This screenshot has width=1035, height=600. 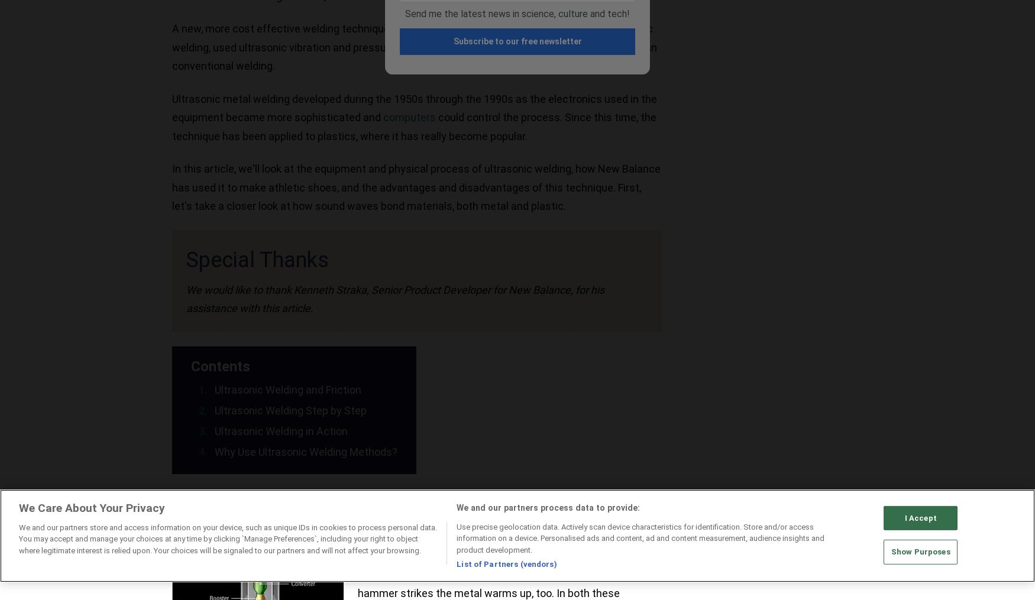 I want to click on 'Why Use Ultrasonic Welding Methods?', so click(x=305, y=450).